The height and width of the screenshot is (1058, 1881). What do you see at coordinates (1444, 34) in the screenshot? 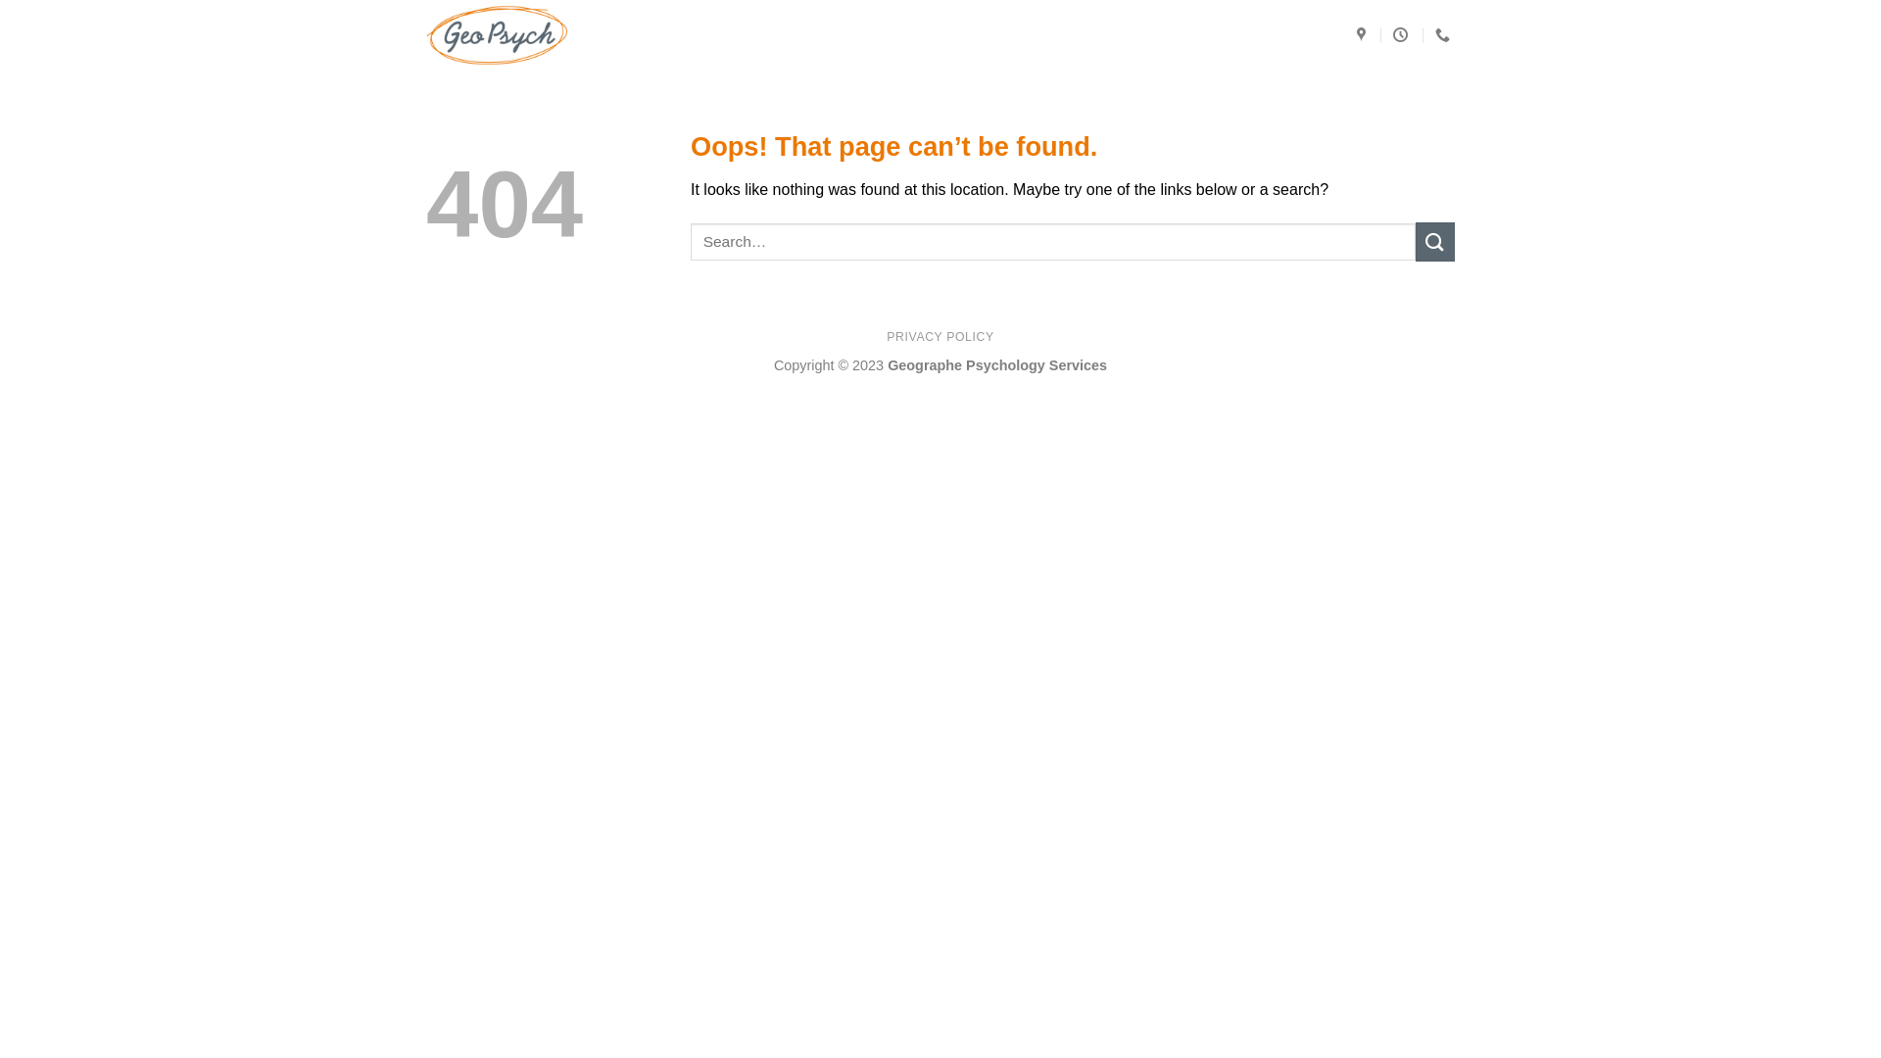
I see `'(08) 9751 5899'` at bounding box center [1444, 34].